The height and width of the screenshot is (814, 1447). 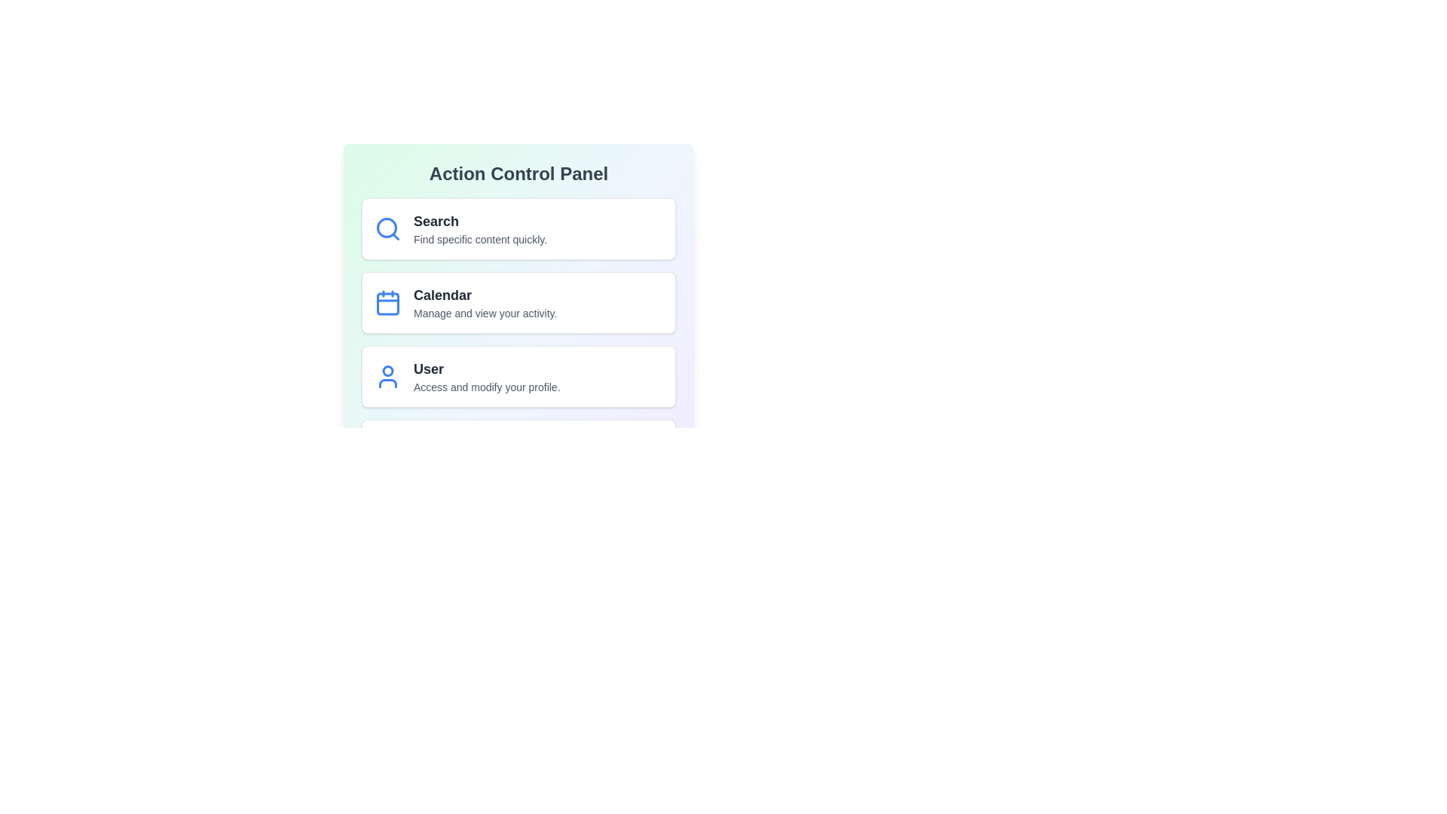 What do you see at coordinates (519, 376) in the screenshot?
I see `the user settings element, which is a clickable list item with a blue outline icon of a person and the title 'User'` at bounding box center [519, 376].